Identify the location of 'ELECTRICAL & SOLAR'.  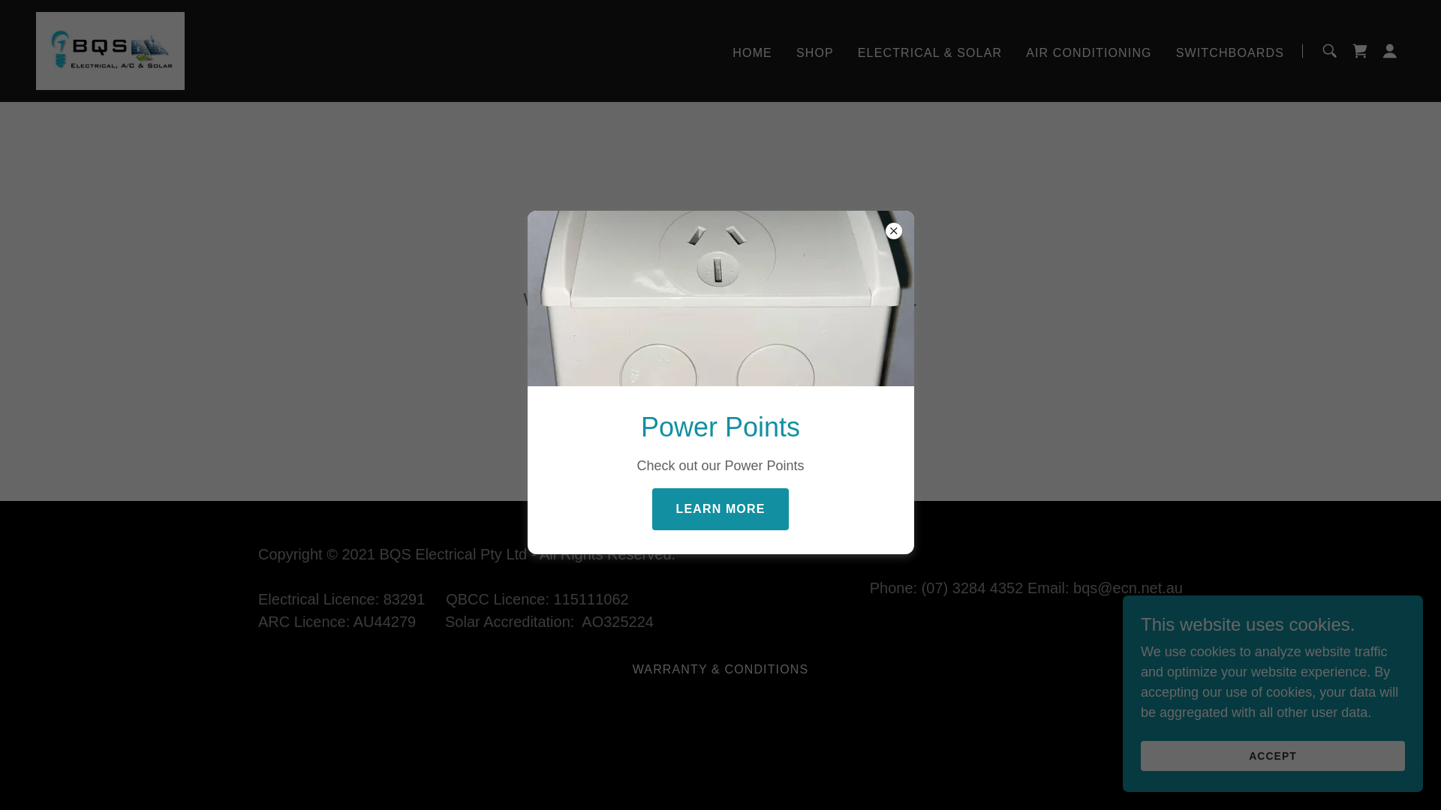
(928, 51).